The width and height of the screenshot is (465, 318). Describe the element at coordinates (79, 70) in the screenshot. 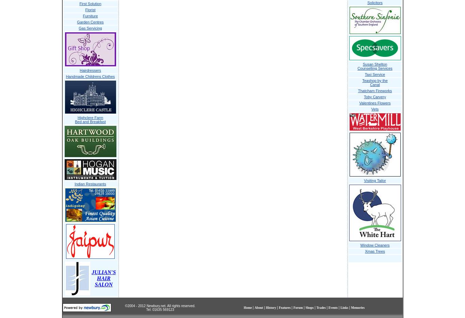

I see `'Hairdressers'` at that location.